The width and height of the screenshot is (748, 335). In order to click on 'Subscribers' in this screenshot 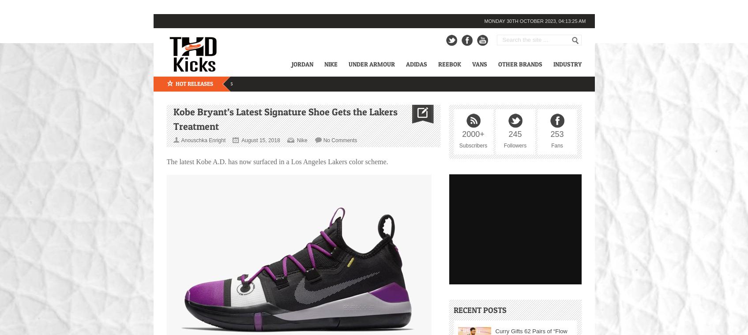, I will do `click(473, 144)`.